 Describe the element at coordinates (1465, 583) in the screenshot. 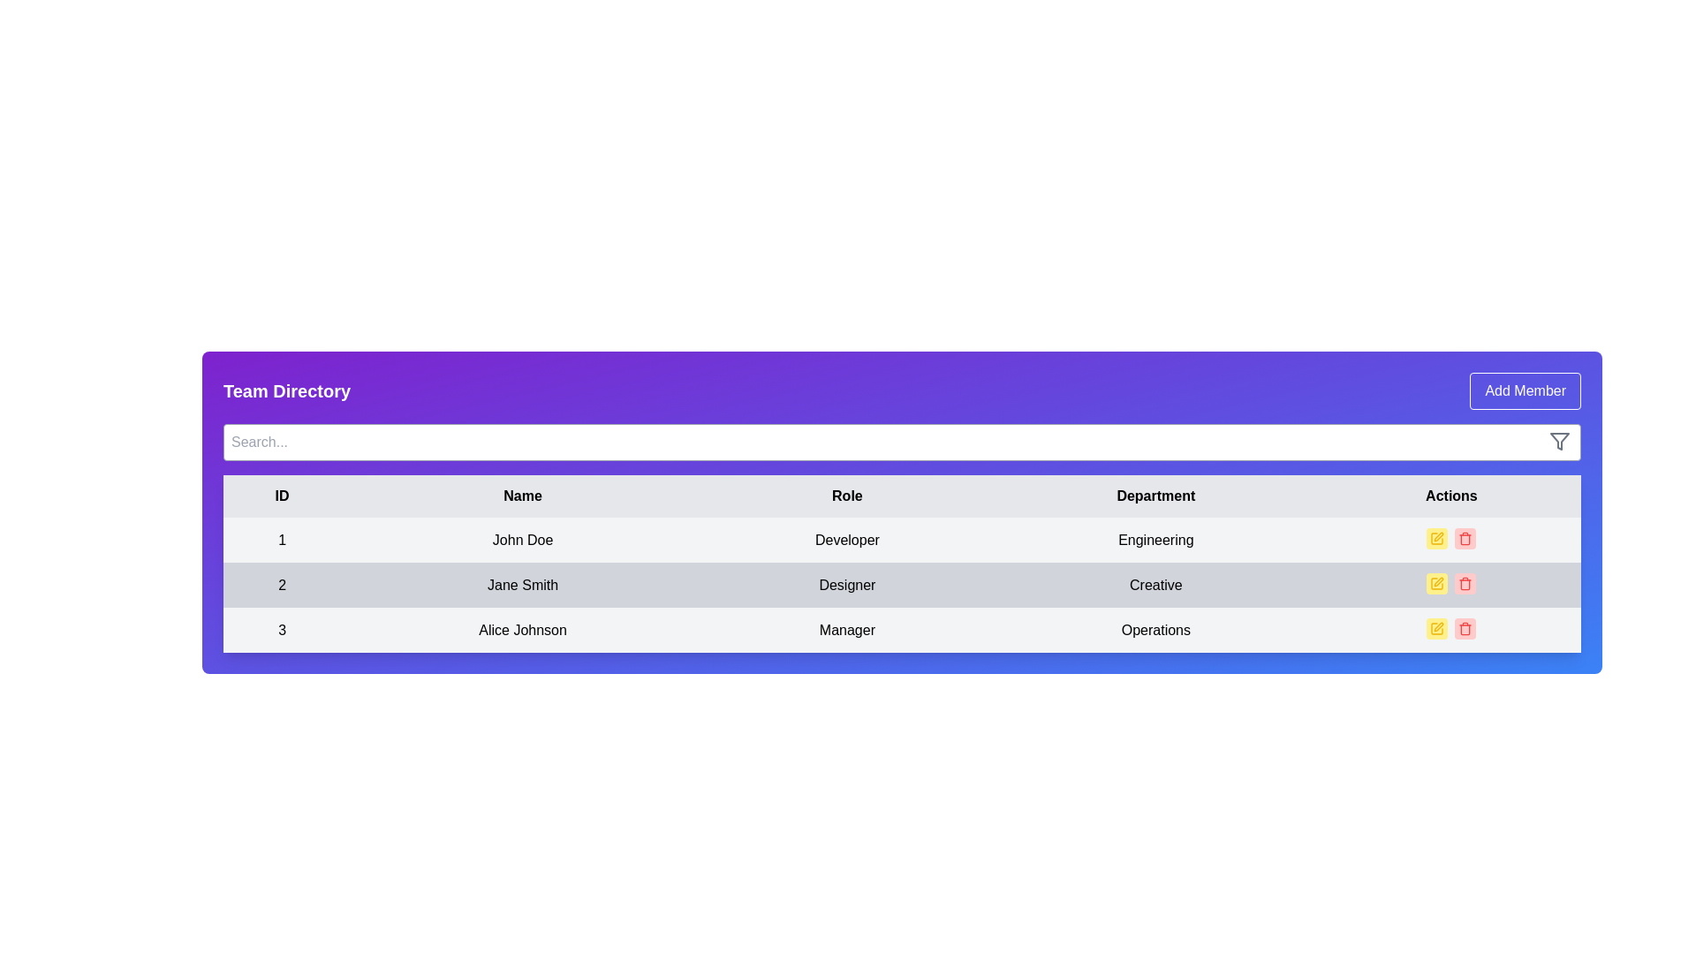

I see `the delete button located in the 'Actions' column of the second row of the table, corresponding to the entry 'Jane Smith'` at that location.